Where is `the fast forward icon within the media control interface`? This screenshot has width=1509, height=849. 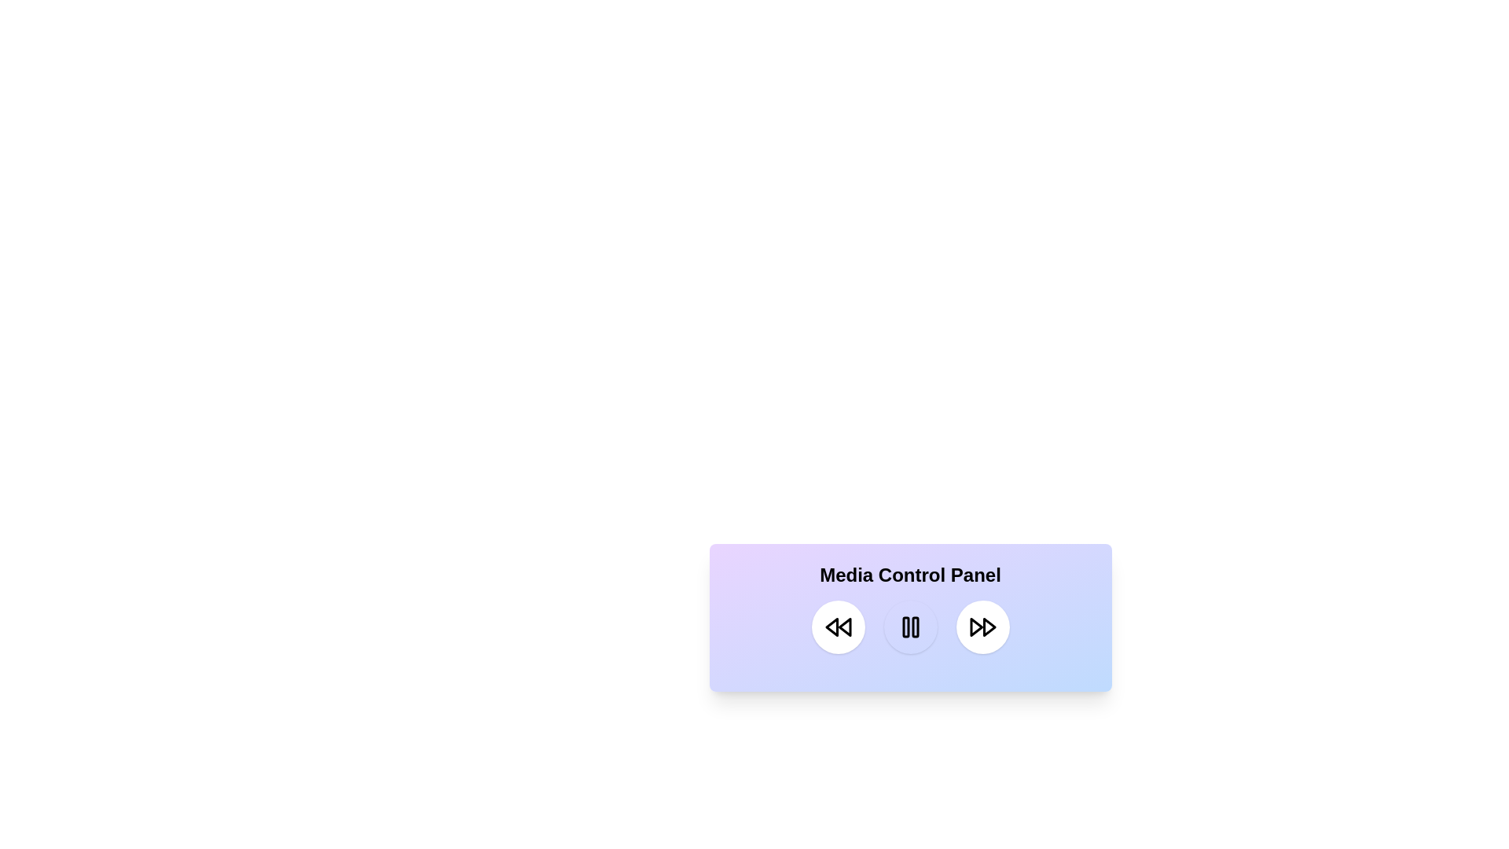 the fast forward icon within the media control interface is located at coordinates (988, 627).